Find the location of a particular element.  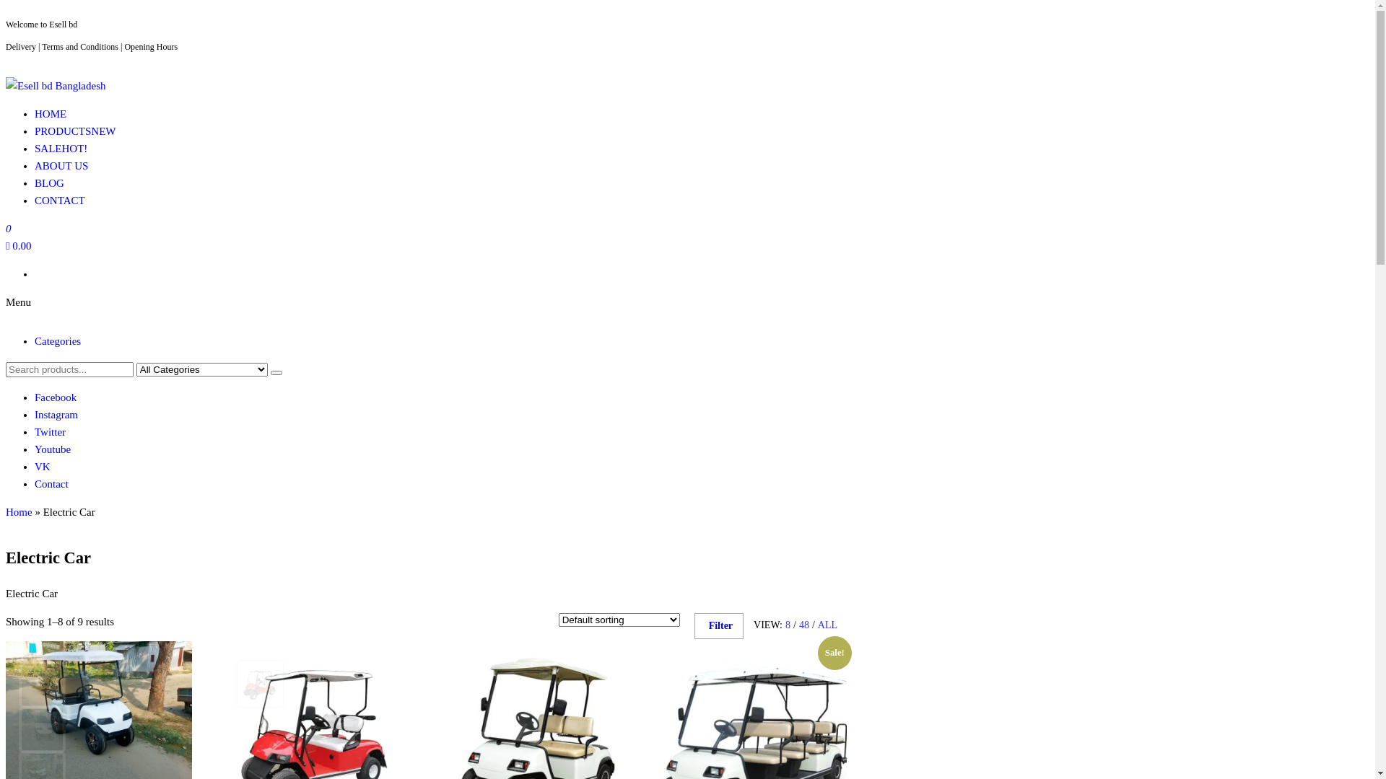

'Twitter' is located at coordinates (35, 431).